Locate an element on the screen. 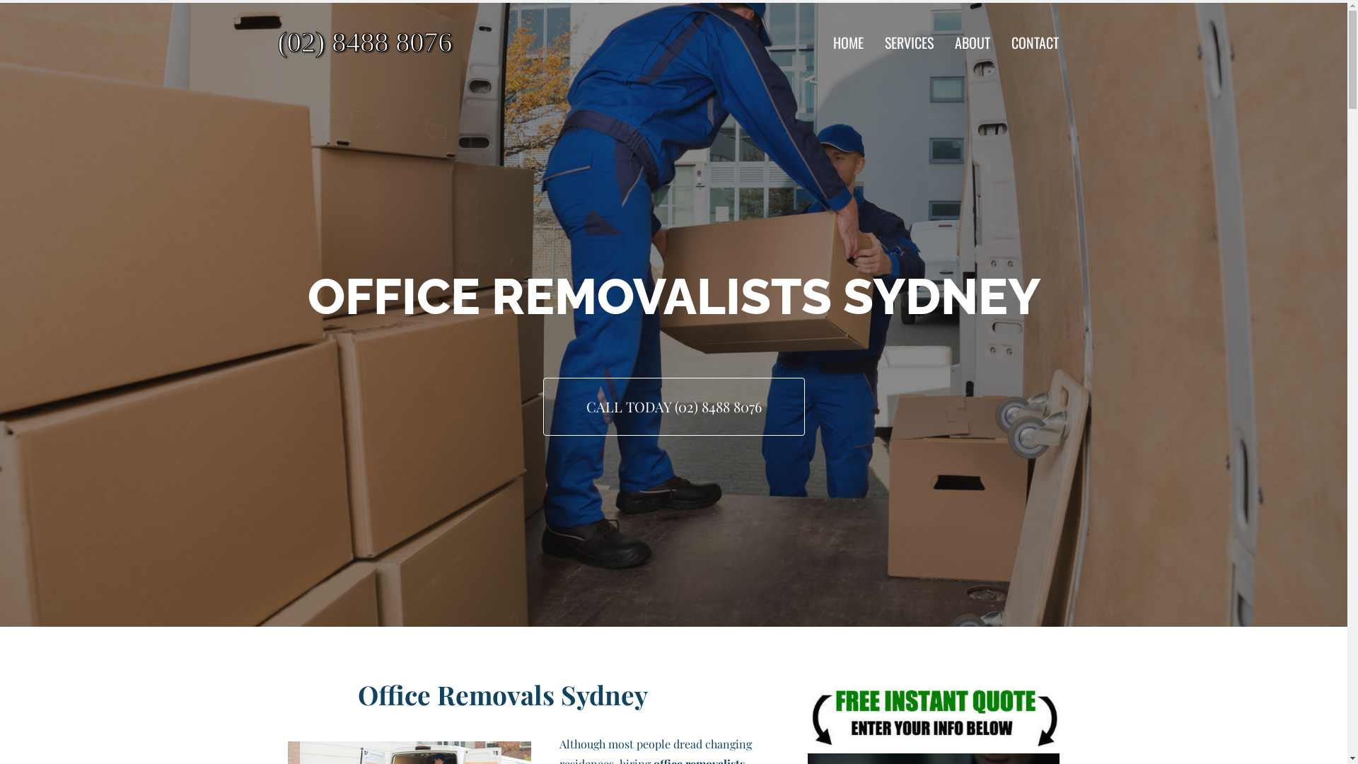 Image resolution: width=1358 pixels, height=764 pixels. 'CALL TODAY (02) 8488 8076' is located at coordinates (673, 406).